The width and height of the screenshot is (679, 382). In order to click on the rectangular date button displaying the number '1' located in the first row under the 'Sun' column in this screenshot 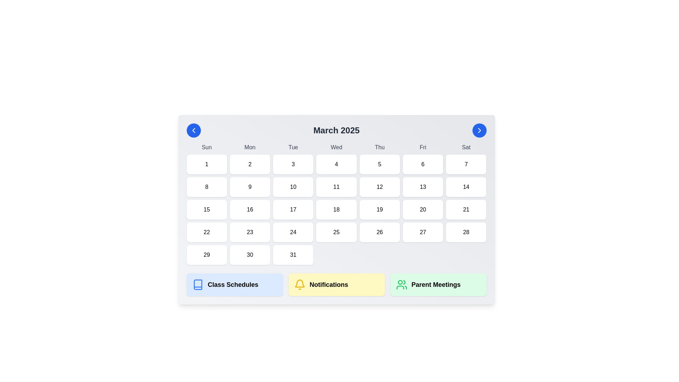, I will do `click(206, 164)`.